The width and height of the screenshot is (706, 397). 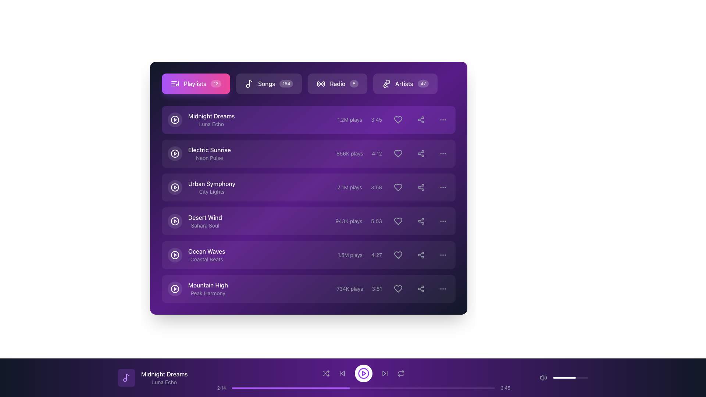 I want to click on the share button for the song 'Desert Wind' to change its appearance, so click(x=421, y=221).